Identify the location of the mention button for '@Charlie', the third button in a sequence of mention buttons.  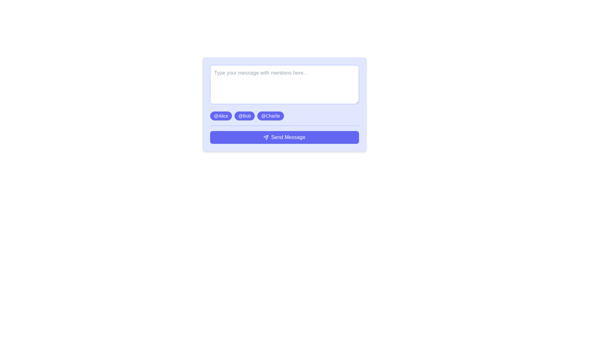
(270, 116).